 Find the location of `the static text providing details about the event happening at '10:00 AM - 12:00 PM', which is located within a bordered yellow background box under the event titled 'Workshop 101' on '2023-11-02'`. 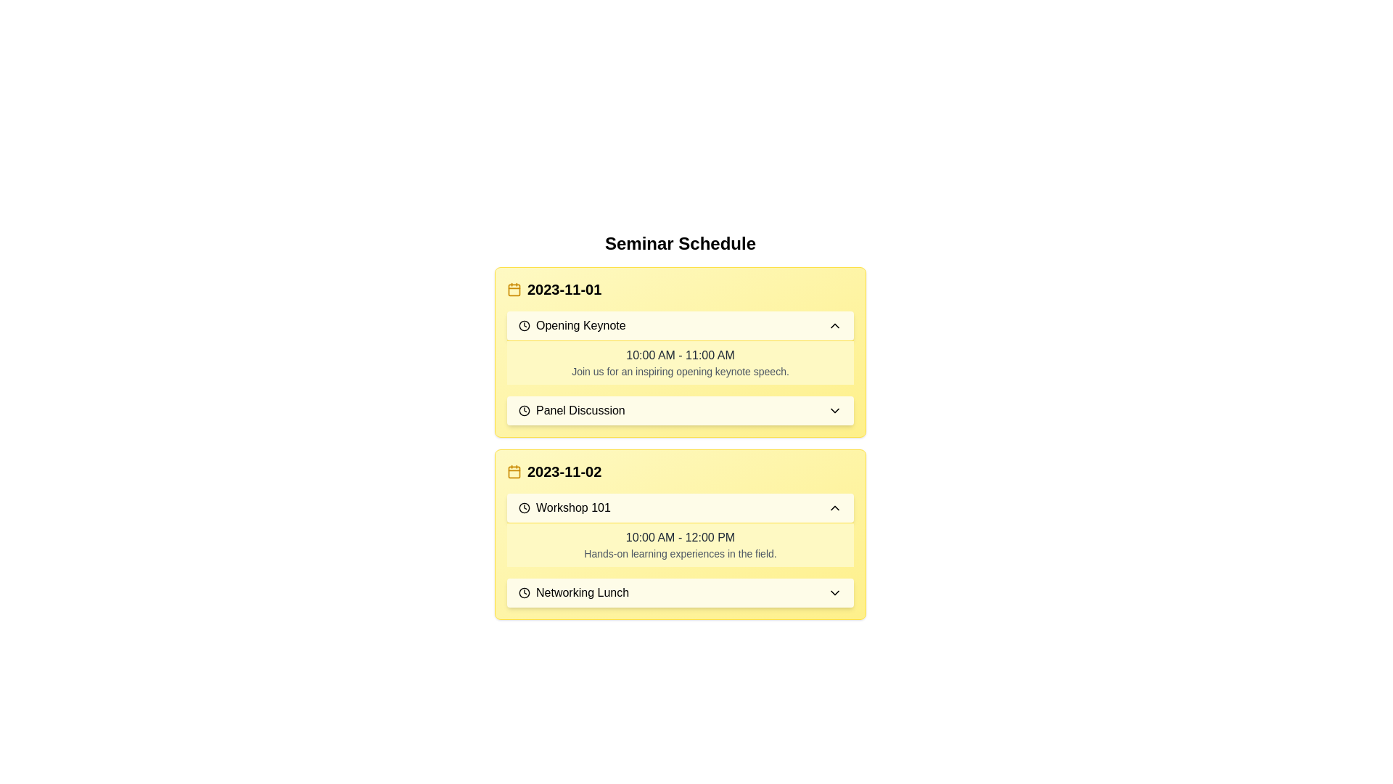

the static text providing details about the event happening at '10:00 AM - 12:00 PM', which is located within a bordered yellow background box under the event titled 'Workshop 101' on '2023-11-02' is located at coordinates (679, 554).